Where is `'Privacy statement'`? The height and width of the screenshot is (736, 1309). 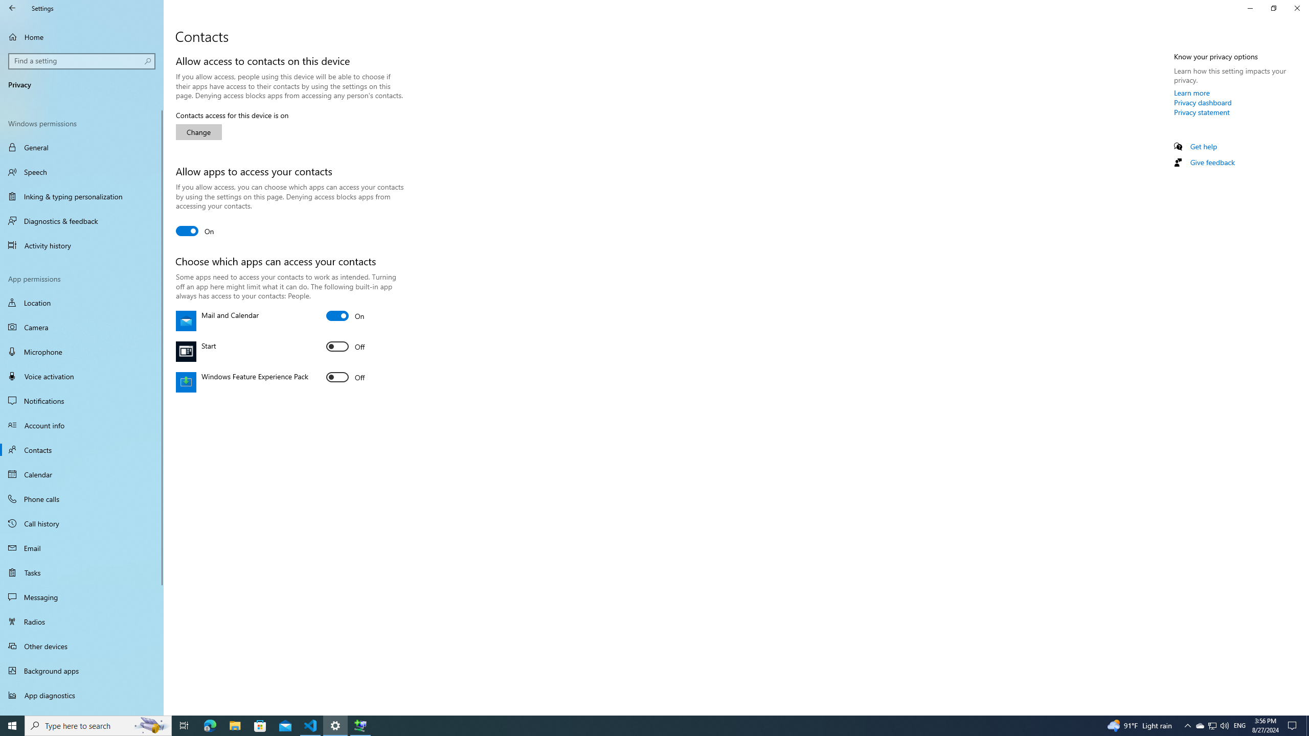
'Privacy statement' is located at coordinates (1201, 111).